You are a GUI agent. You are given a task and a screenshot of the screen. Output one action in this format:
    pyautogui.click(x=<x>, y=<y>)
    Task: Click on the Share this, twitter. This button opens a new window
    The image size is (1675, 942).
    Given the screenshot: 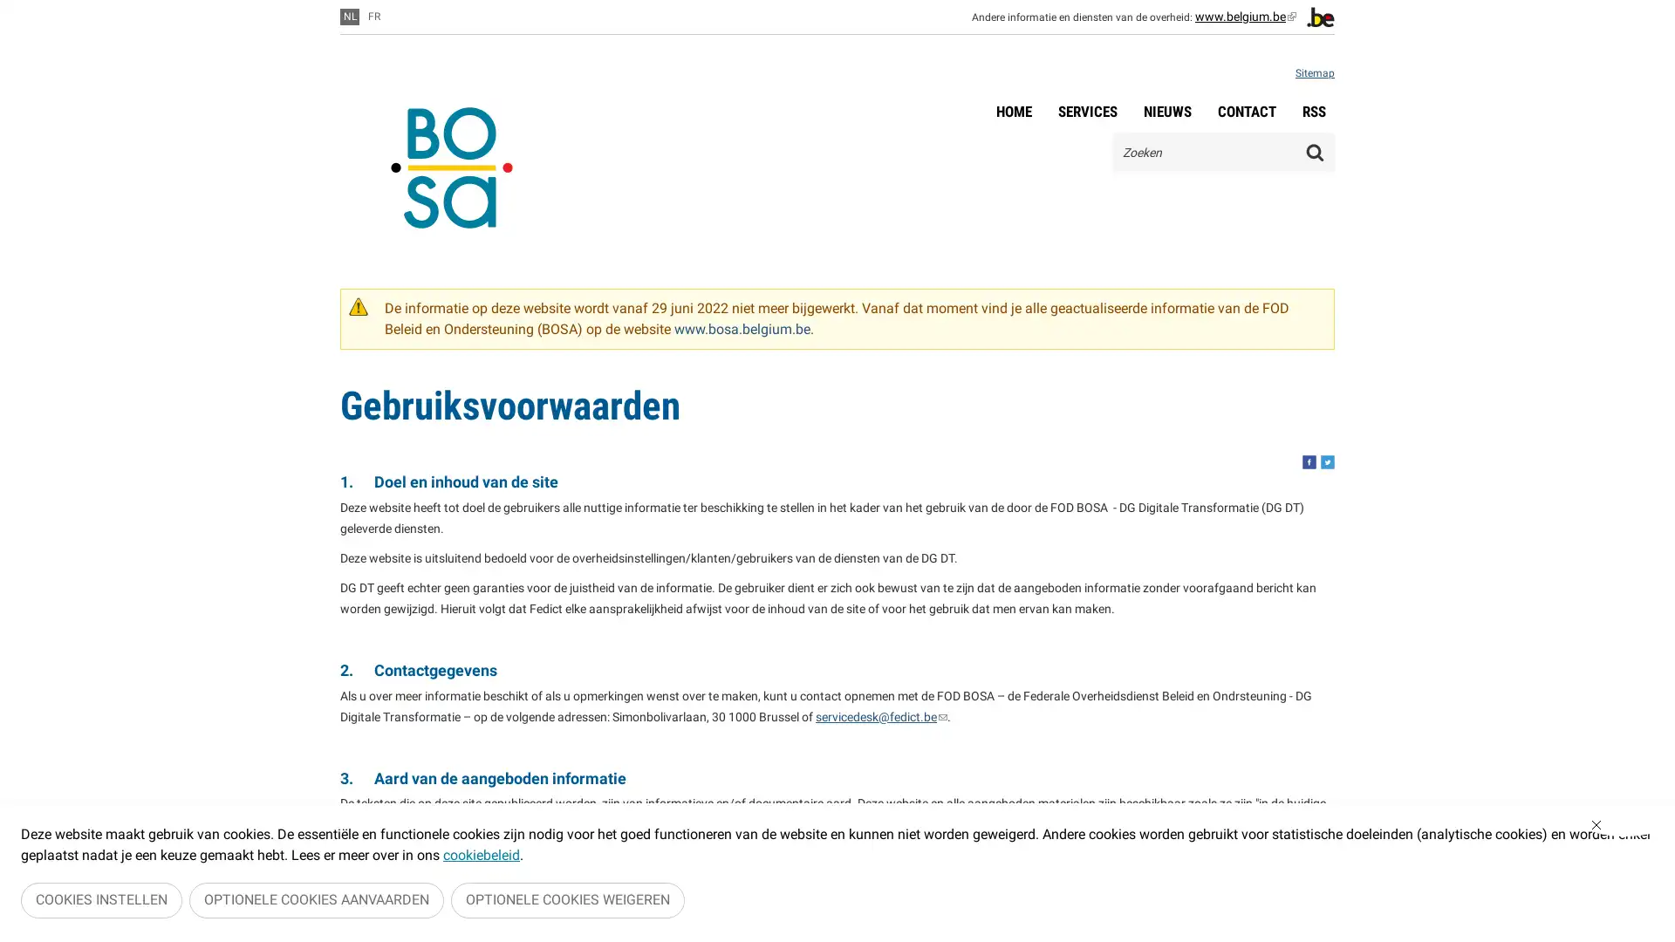 What is the action you would take?
    pyautogui.click(x=1326, y=461)
    